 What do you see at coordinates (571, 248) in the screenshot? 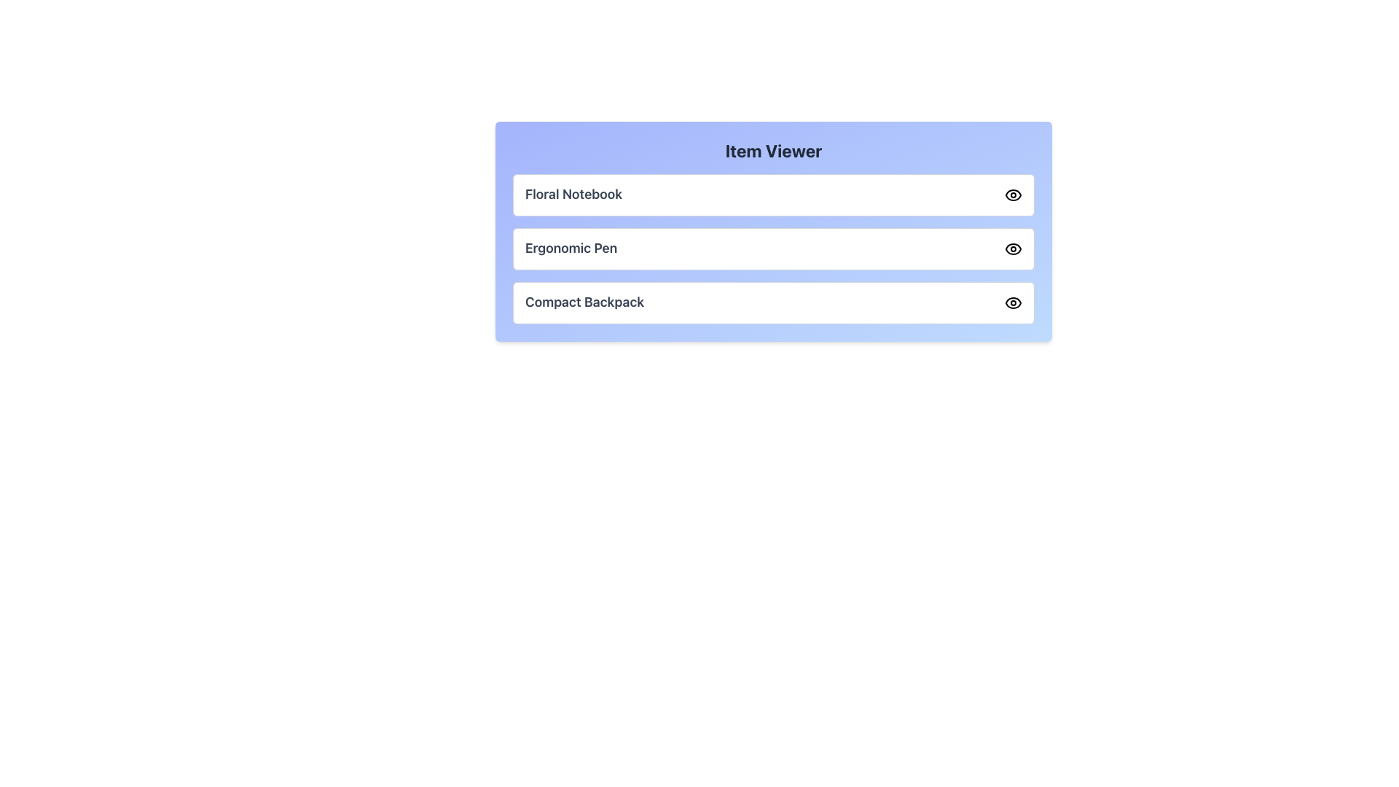
I see `the 'Ergonomic Pen' text label, which is the second item in the list within the 'Item Viewer' panel` at bounding box center [571, 248].